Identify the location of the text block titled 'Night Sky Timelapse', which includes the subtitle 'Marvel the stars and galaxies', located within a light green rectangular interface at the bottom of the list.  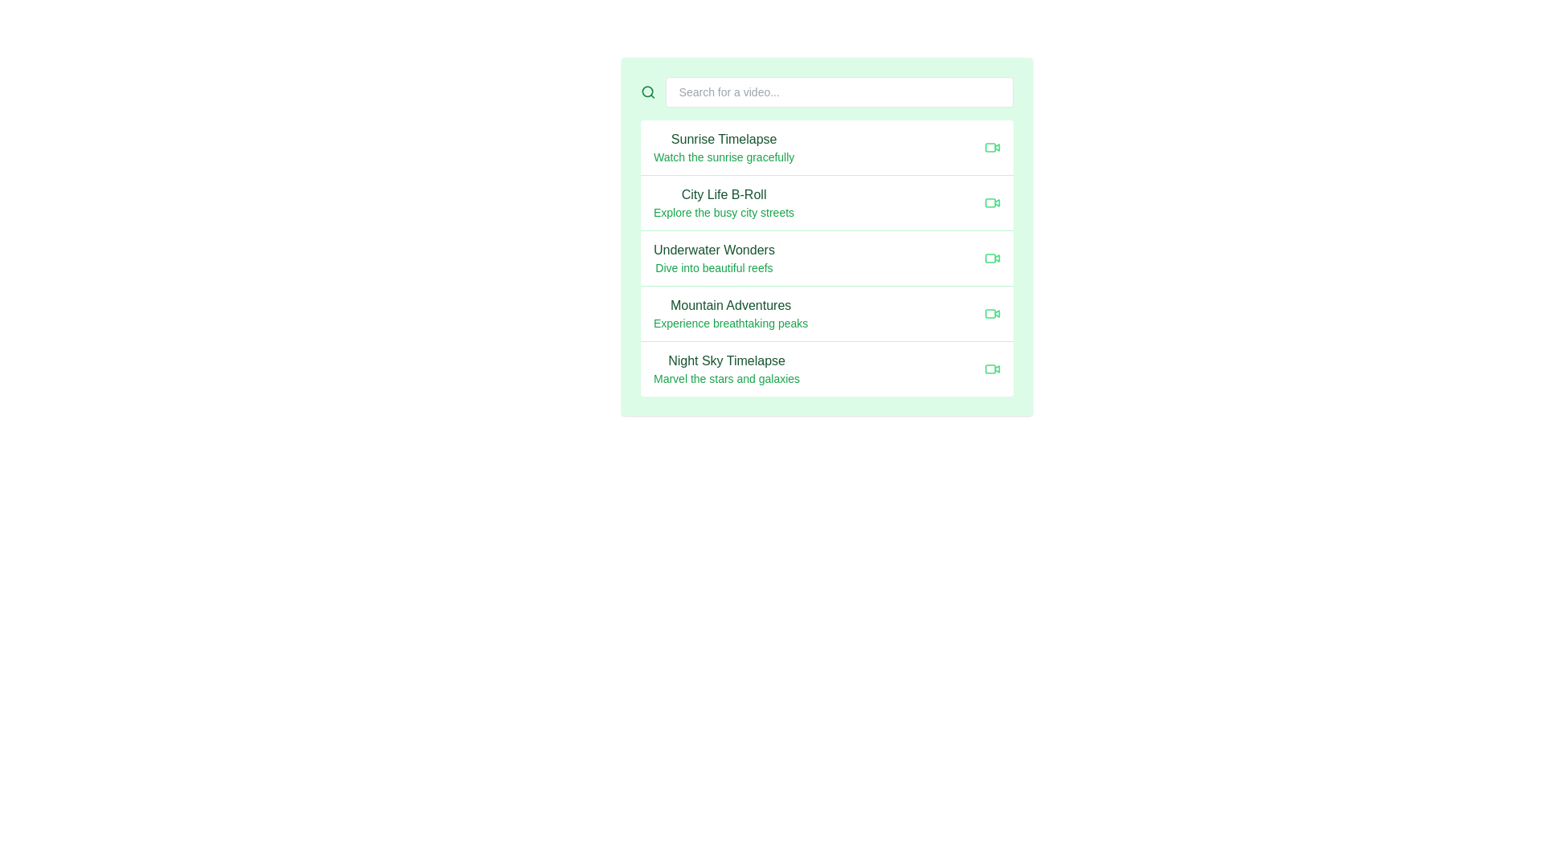
(726, 368).